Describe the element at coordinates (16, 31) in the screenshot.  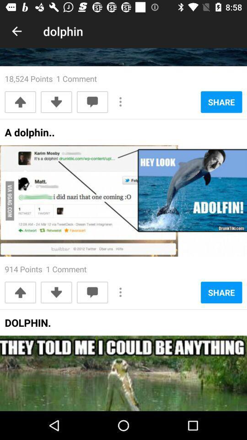
I see `icon next to the dolphin item` at that location.